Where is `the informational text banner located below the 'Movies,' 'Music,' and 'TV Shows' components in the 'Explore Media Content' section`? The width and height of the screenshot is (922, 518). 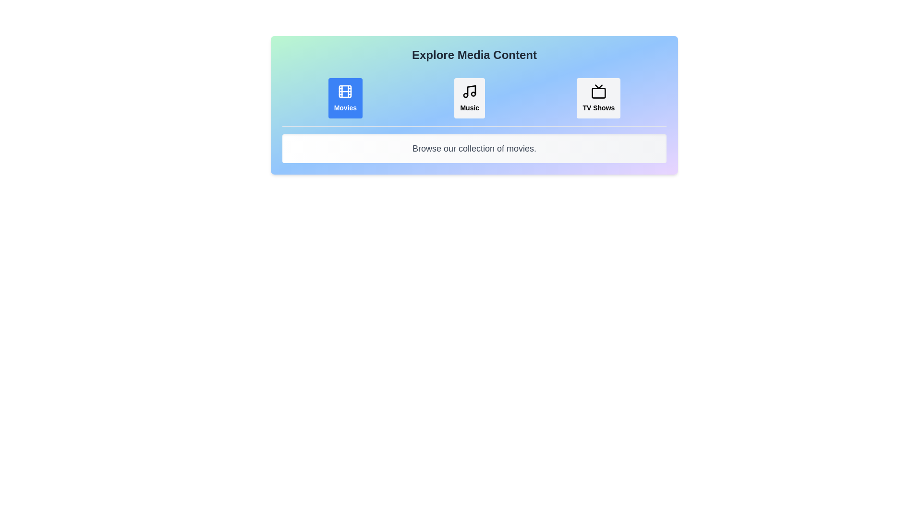 the informational text banner located below the 'Movies,' 'Music,' and 'TV Shows' components in the 'Explore Media Content' section is located at coordinates (474, 148).